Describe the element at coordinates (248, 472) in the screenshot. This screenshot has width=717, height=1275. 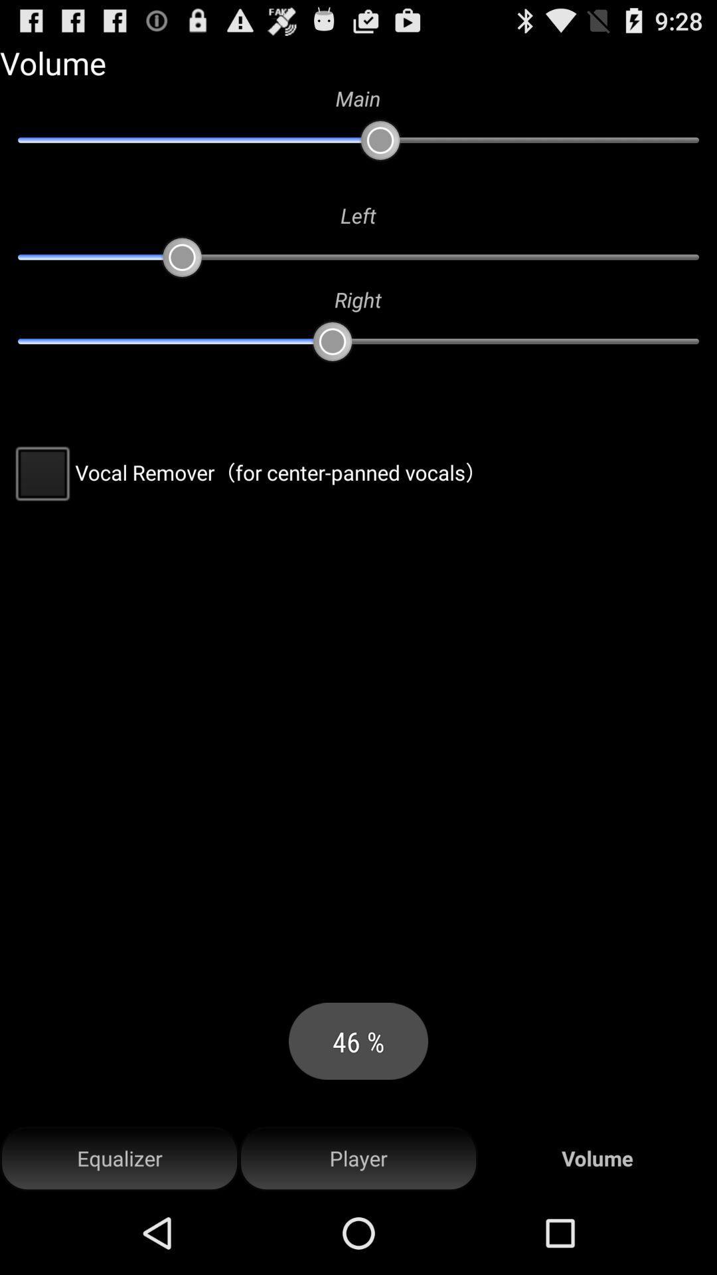
I see `check the box which says vocal remover for centerpanned vocals0` at that location.